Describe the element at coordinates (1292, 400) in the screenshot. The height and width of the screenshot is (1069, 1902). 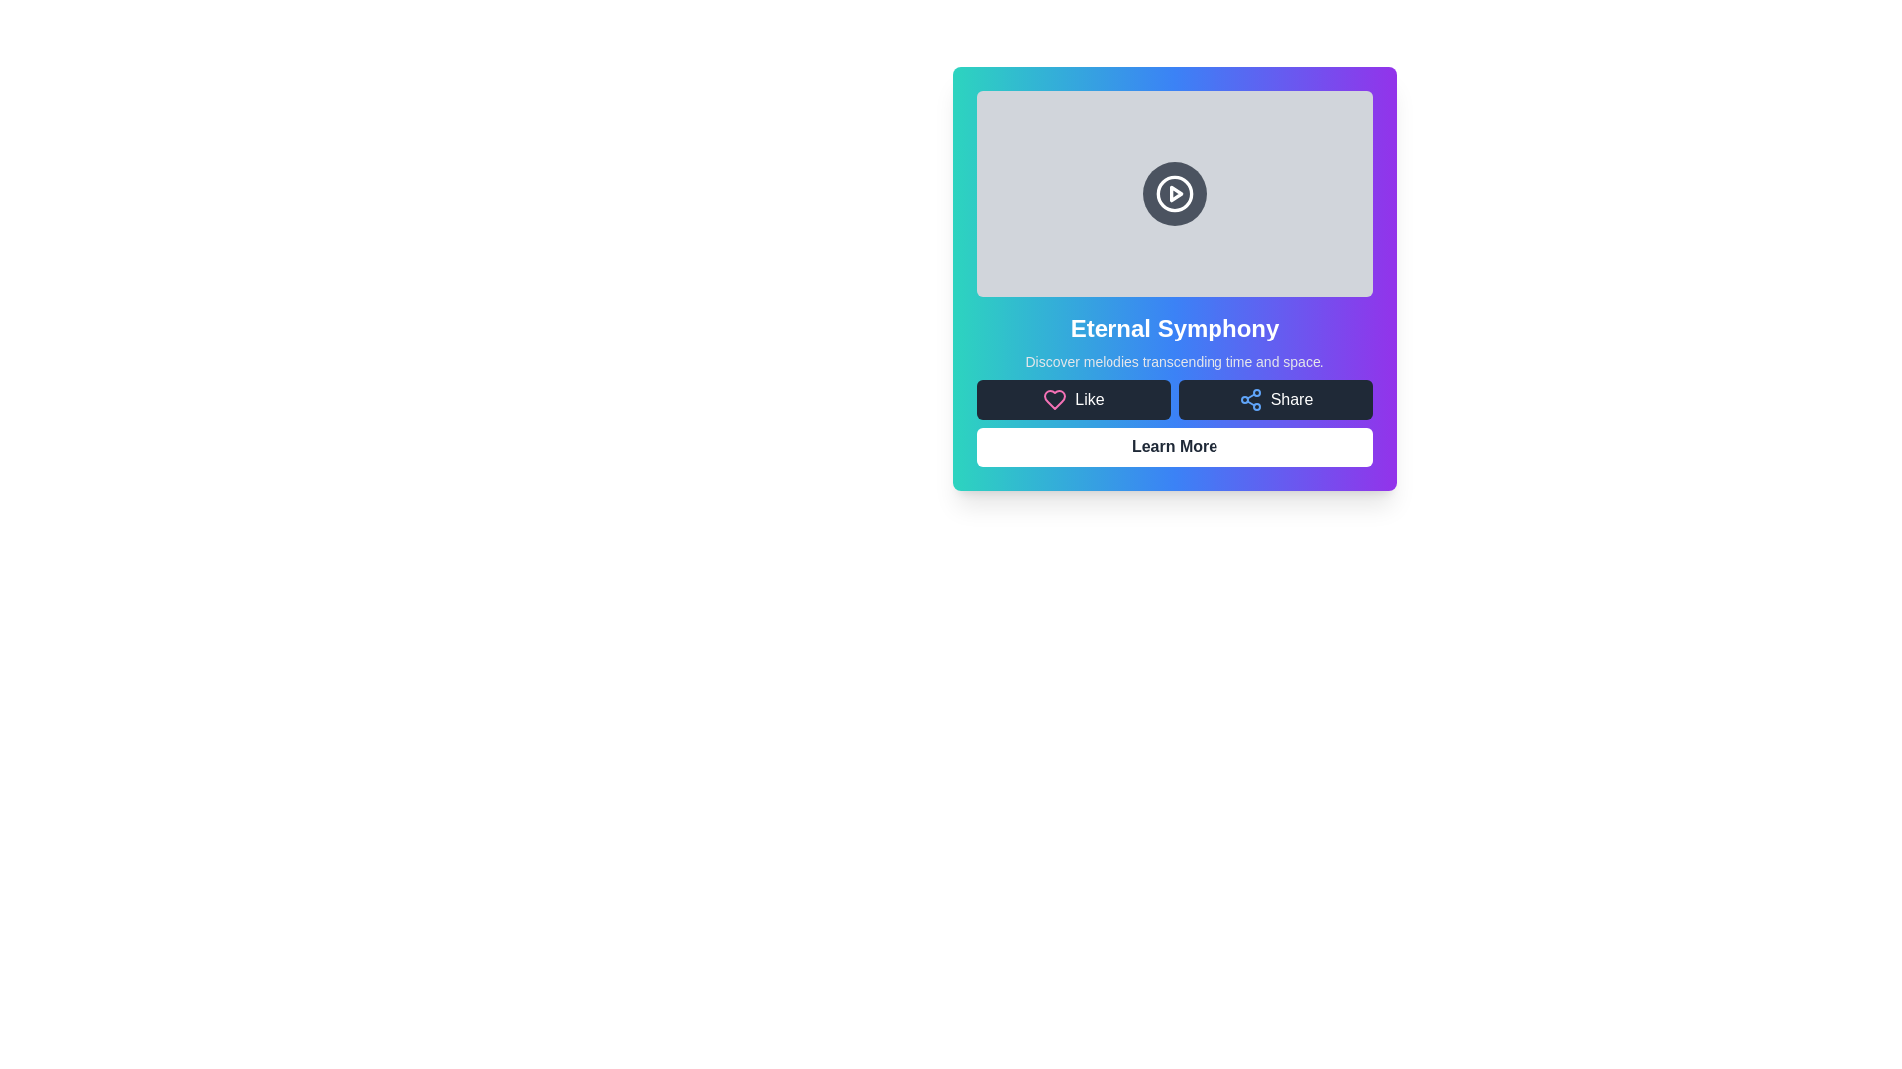
I see `the label within the share button, which indicates that clicking this button will allow the user to share content` at that location.